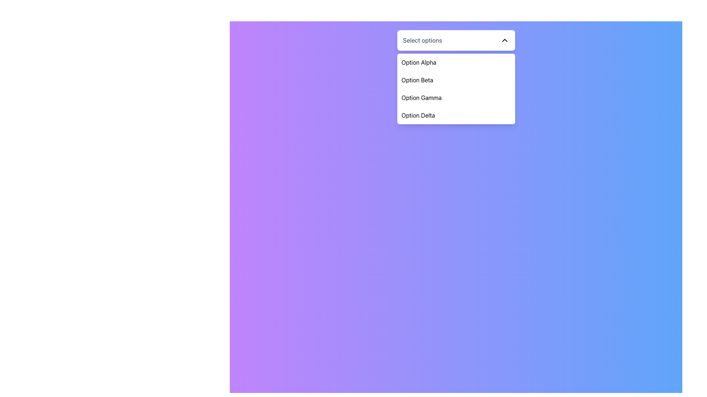 The image size is (707, 397). I want to click on to select the menu item labeled 'Option Beta' in the dropdown menu, which is the second item below 'Option Alpha', so click(455, 80).